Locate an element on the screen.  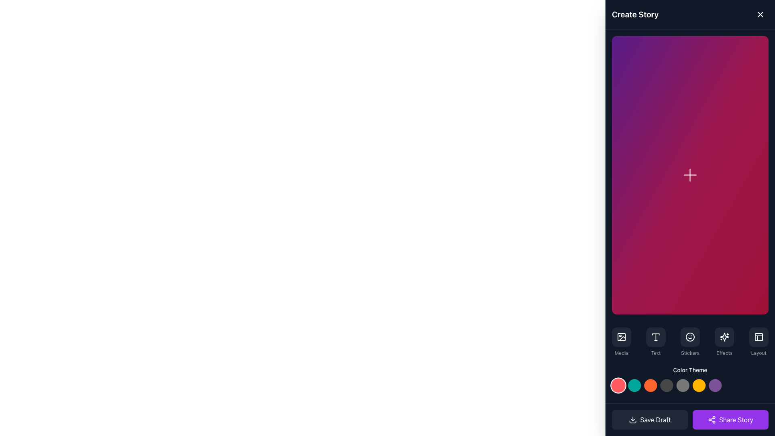
the square button with rounded corners and a dark gray background, which contains a white sparkles icon, located in the 'Effects' section of the interface is located at coordinates (725, 336).